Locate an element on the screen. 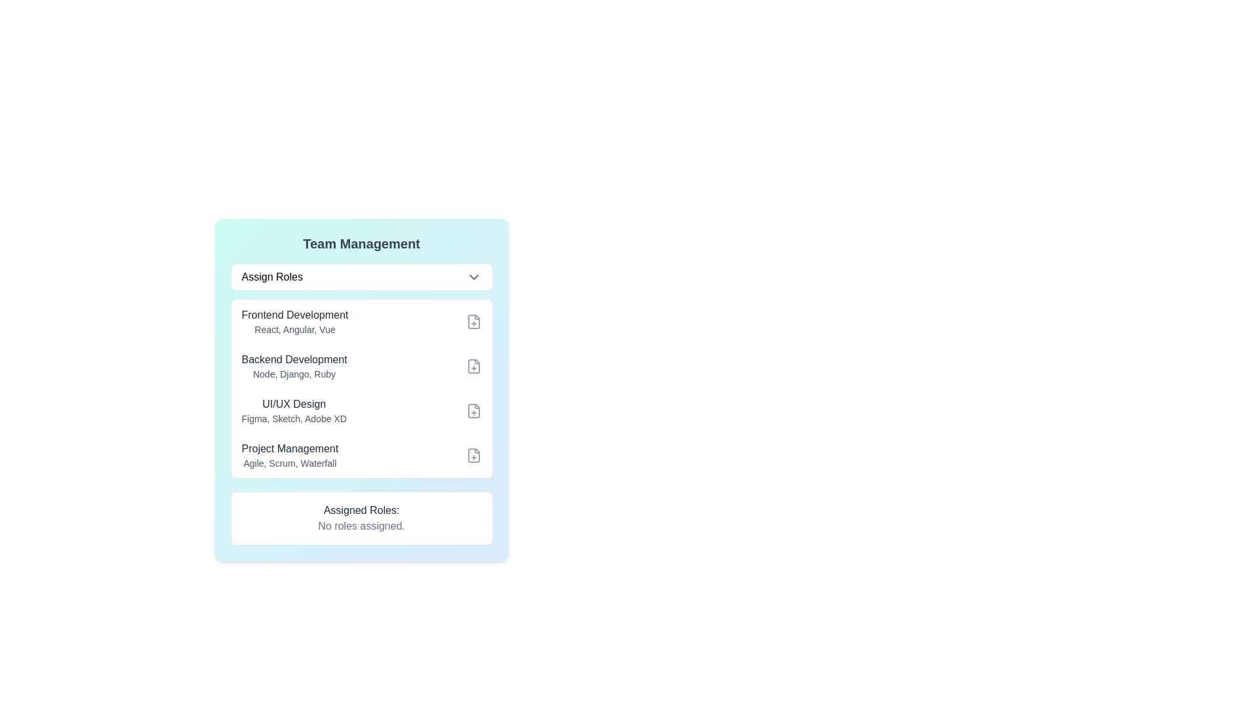  the Static Text Label that provides additional information for the 'Backend Development' category, located below the 'Backend Development' heading within the 'Team Management' card is located at coordinates (293, 374).